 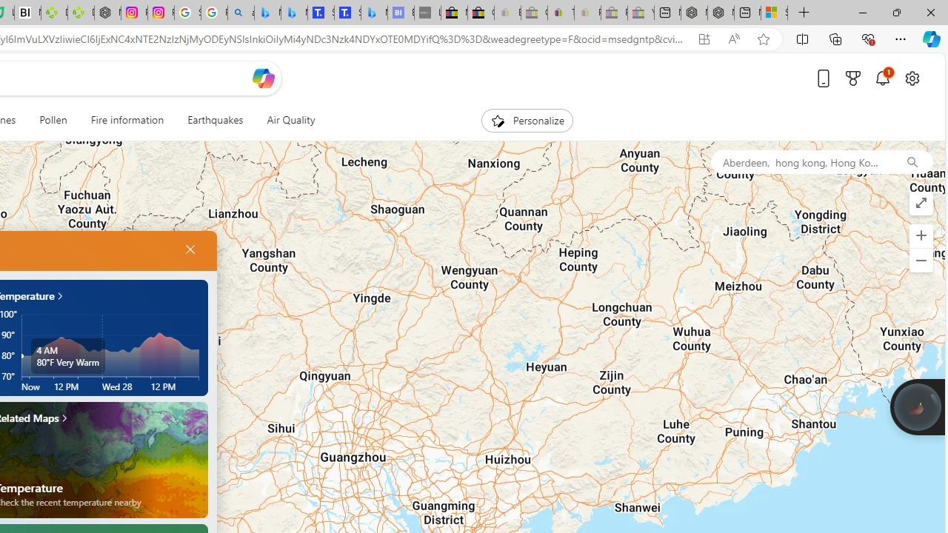 What do you see at coordinates (527, 120) in the screenshot?
I see `'Personalize'` at bounding box center [527, 120].